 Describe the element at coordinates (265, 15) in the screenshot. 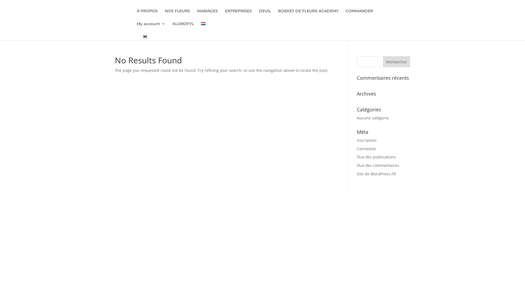

I see `'DEUIL'` at that location.